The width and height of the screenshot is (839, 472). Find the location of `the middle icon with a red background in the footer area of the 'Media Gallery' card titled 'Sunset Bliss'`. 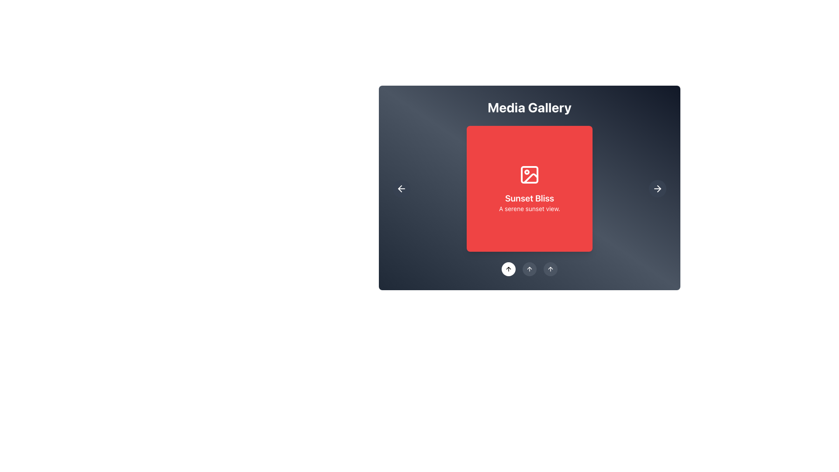

the middle icon with a red background in the footer area of the 'Media Gallery' card titled 'Sunset Bliss' is located at coordinates (529, 269).